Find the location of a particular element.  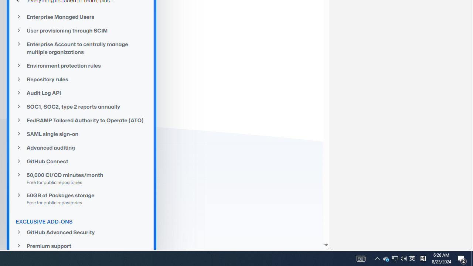

'Audit Log API' is located at coordinates (81, 92).